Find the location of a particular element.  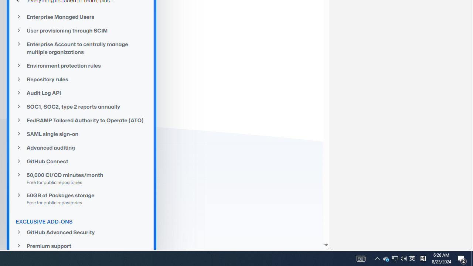

'Audit Log API' is located at coordinates (81, 92).